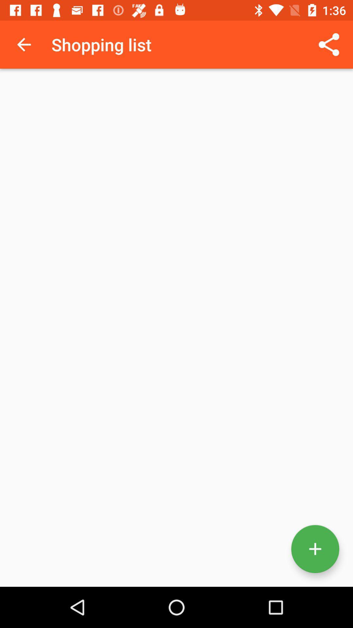 The width and height of the screenshot is (353, 628). Describe the element at coordinates (315, 549) in the screenshot. I see `item` at that location.